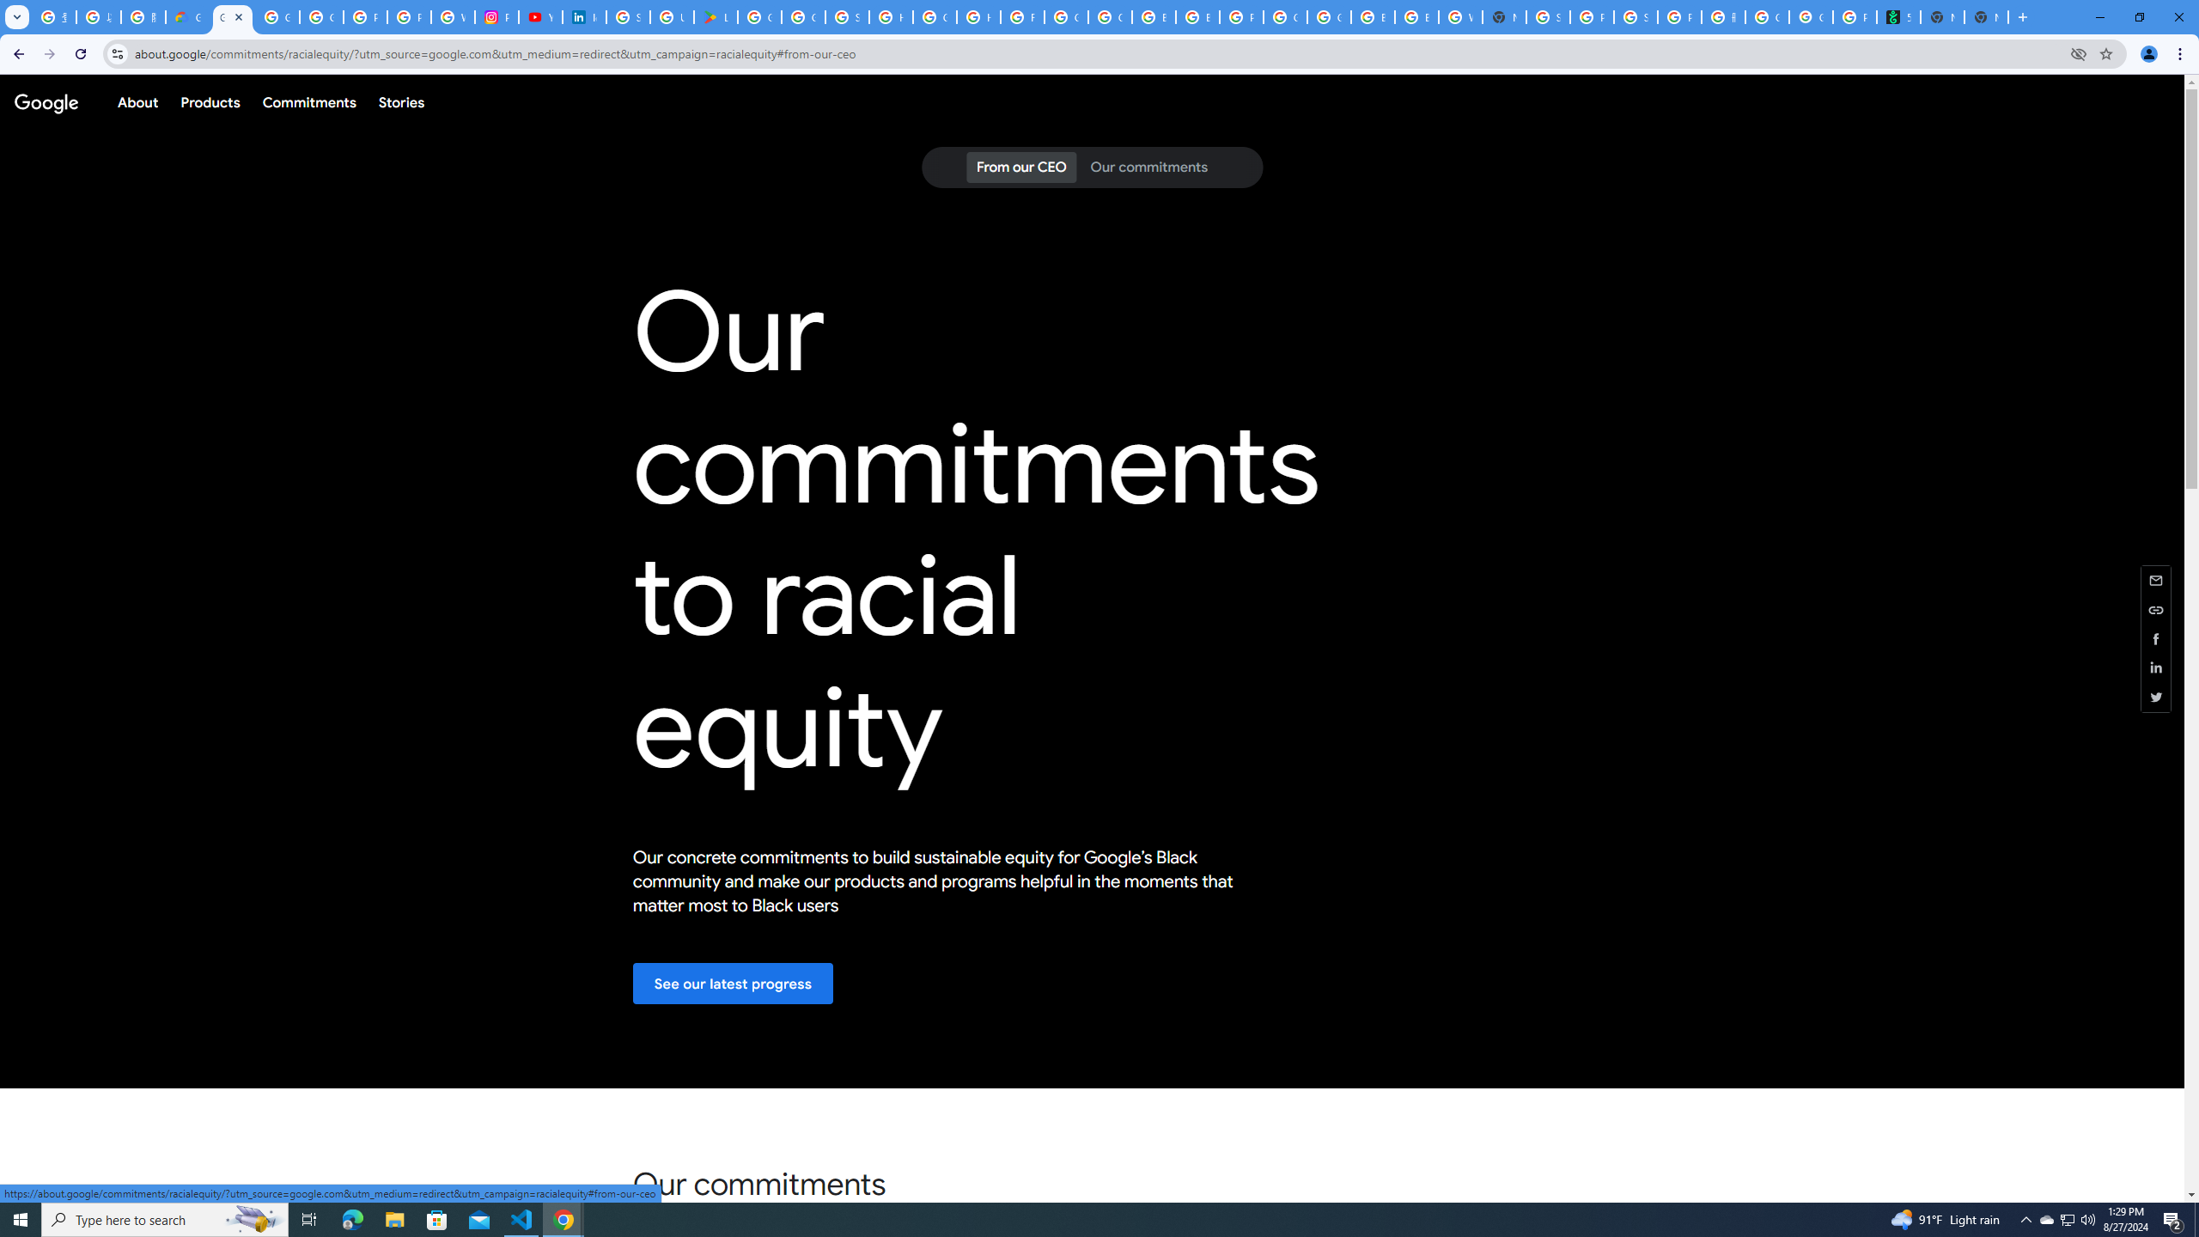 The image size is (2199, 1237). Describe the element at coordinates (400, 101) in the screenshot. I see `'Stories'` at that location.